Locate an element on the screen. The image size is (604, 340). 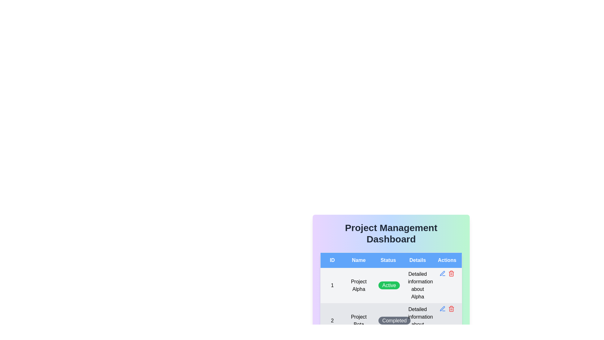
the table header cell labeled 'Status', which is the third column header in a table with a blue background and white text is located at coordinates (391, 266).